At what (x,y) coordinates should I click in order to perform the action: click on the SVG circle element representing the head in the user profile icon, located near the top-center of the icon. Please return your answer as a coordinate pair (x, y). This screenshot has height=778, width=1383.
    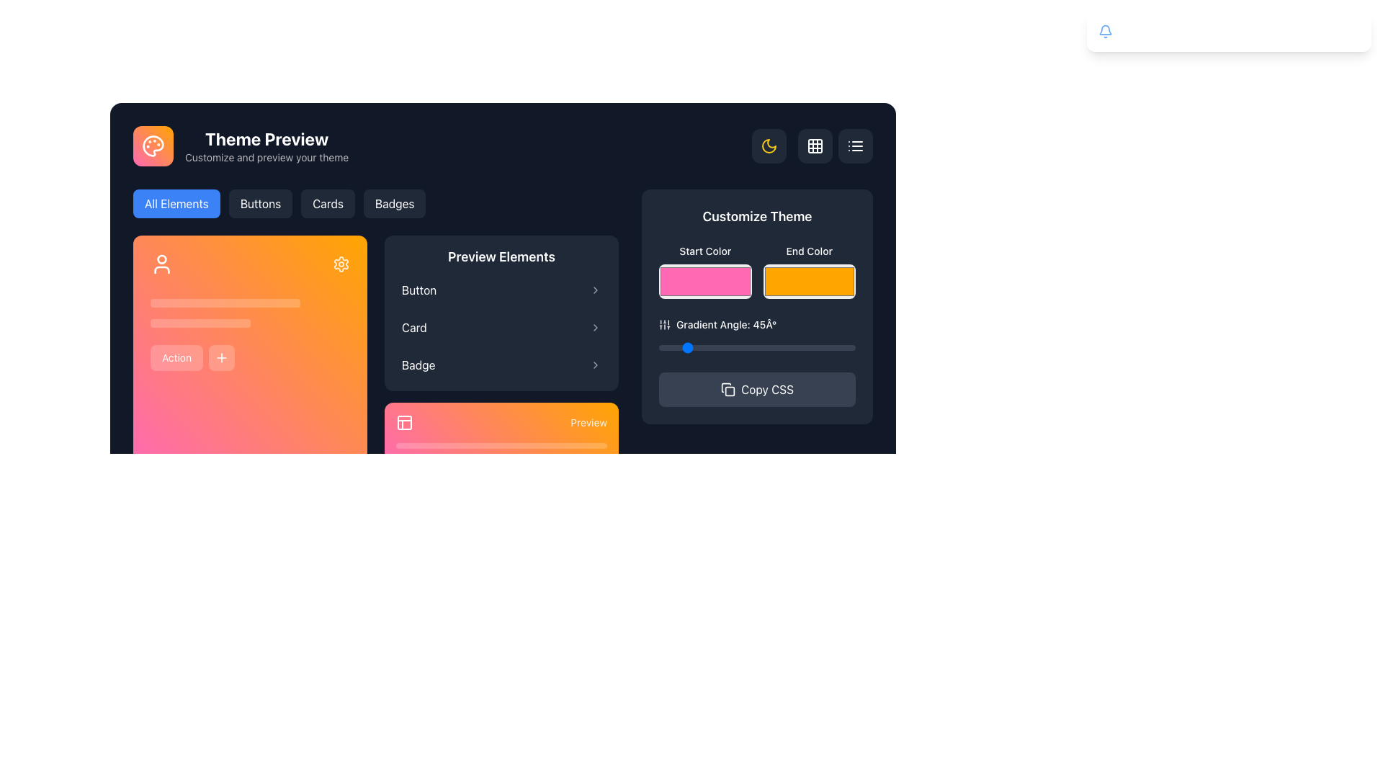
    Looking at the image, I should click on (162, 258).